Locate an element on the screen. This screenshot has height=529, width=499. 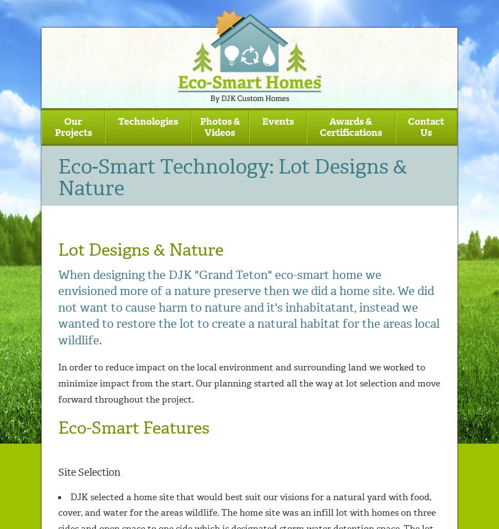
'Technologies' is located at coordinates (147, 120).